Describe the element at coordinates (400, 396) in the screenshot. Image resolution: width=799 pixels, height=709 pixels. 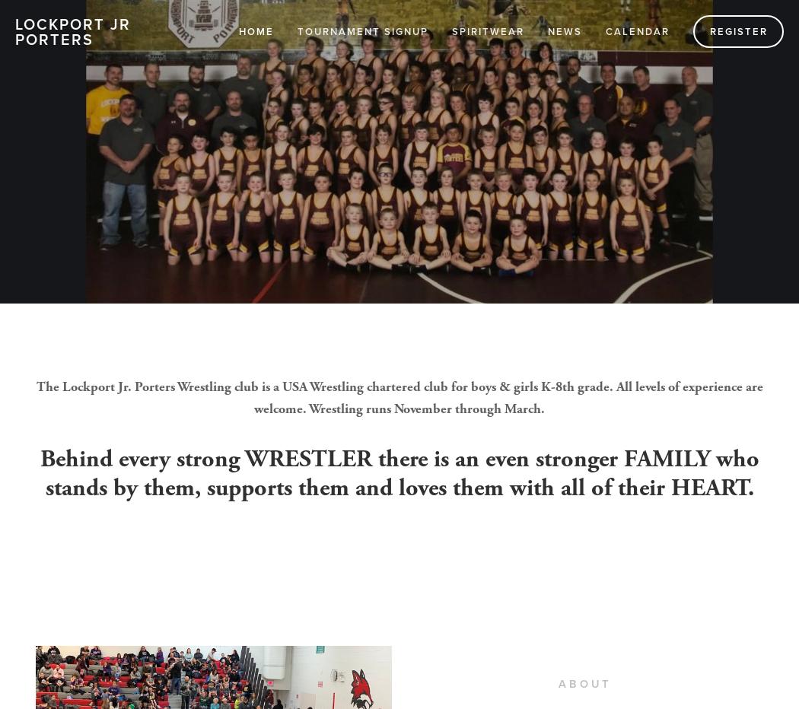
I see `'The Lockport Jr. Porters Wrestling club is a USA Wrestling chartered club for boys & girls K-8th grade. All levels of experience are welcome. Wrestling runs November through March.'` at that location.